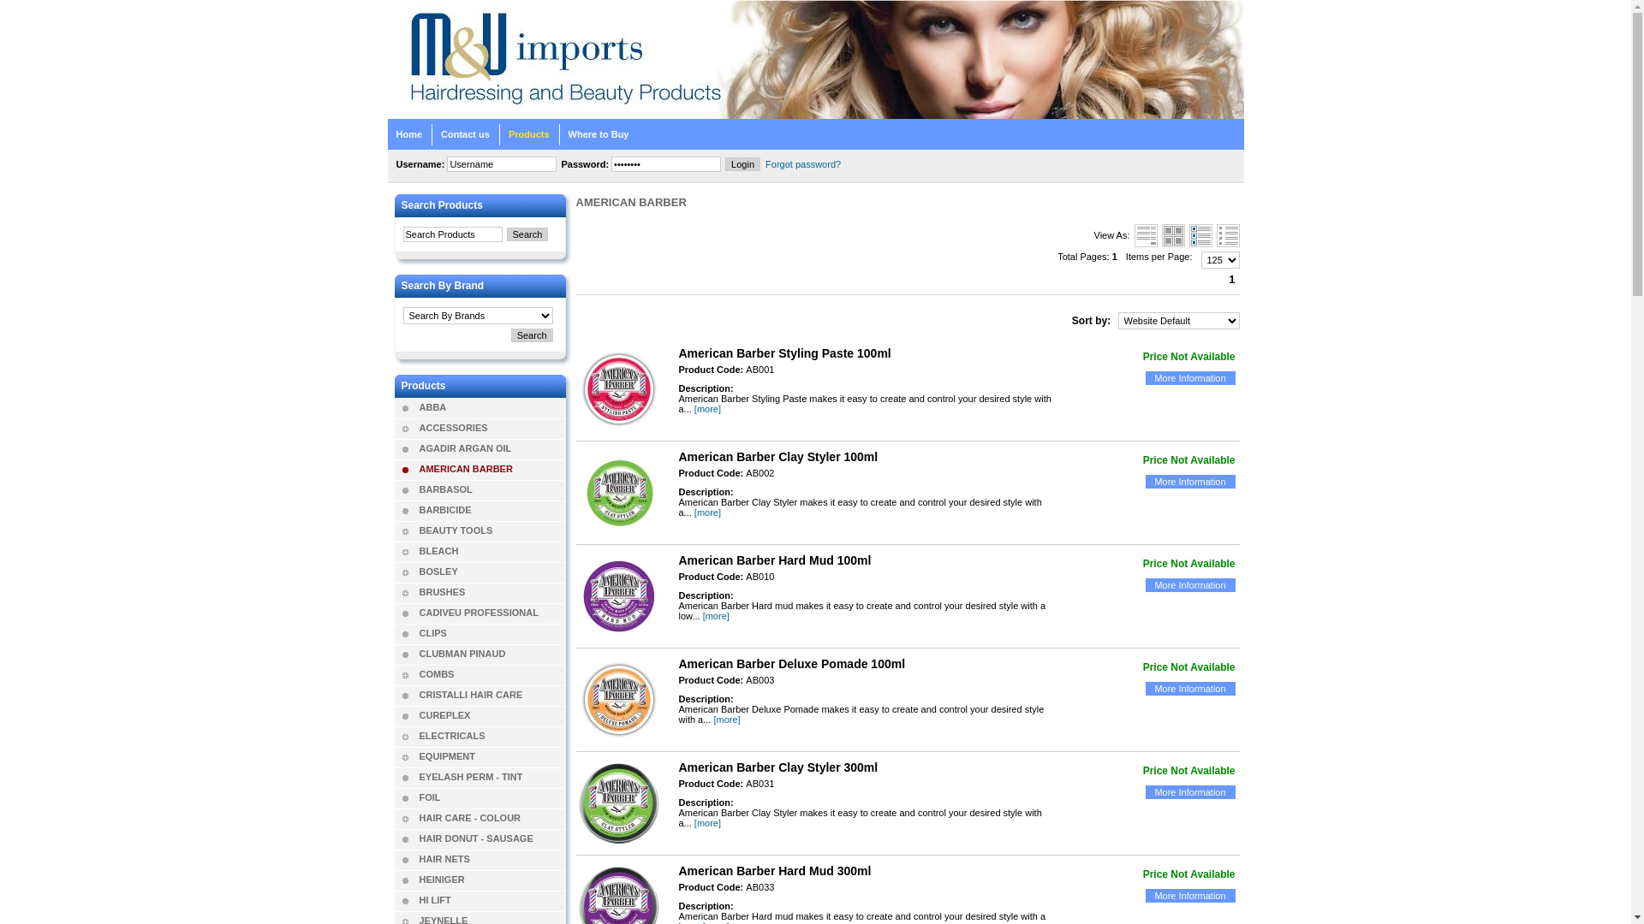 Image resolution: width=1644 pixels, height=924 pixels. Describe the element at coordinates (1171, 235) in the screenshot. I see `'Gallery Style'` at that location.